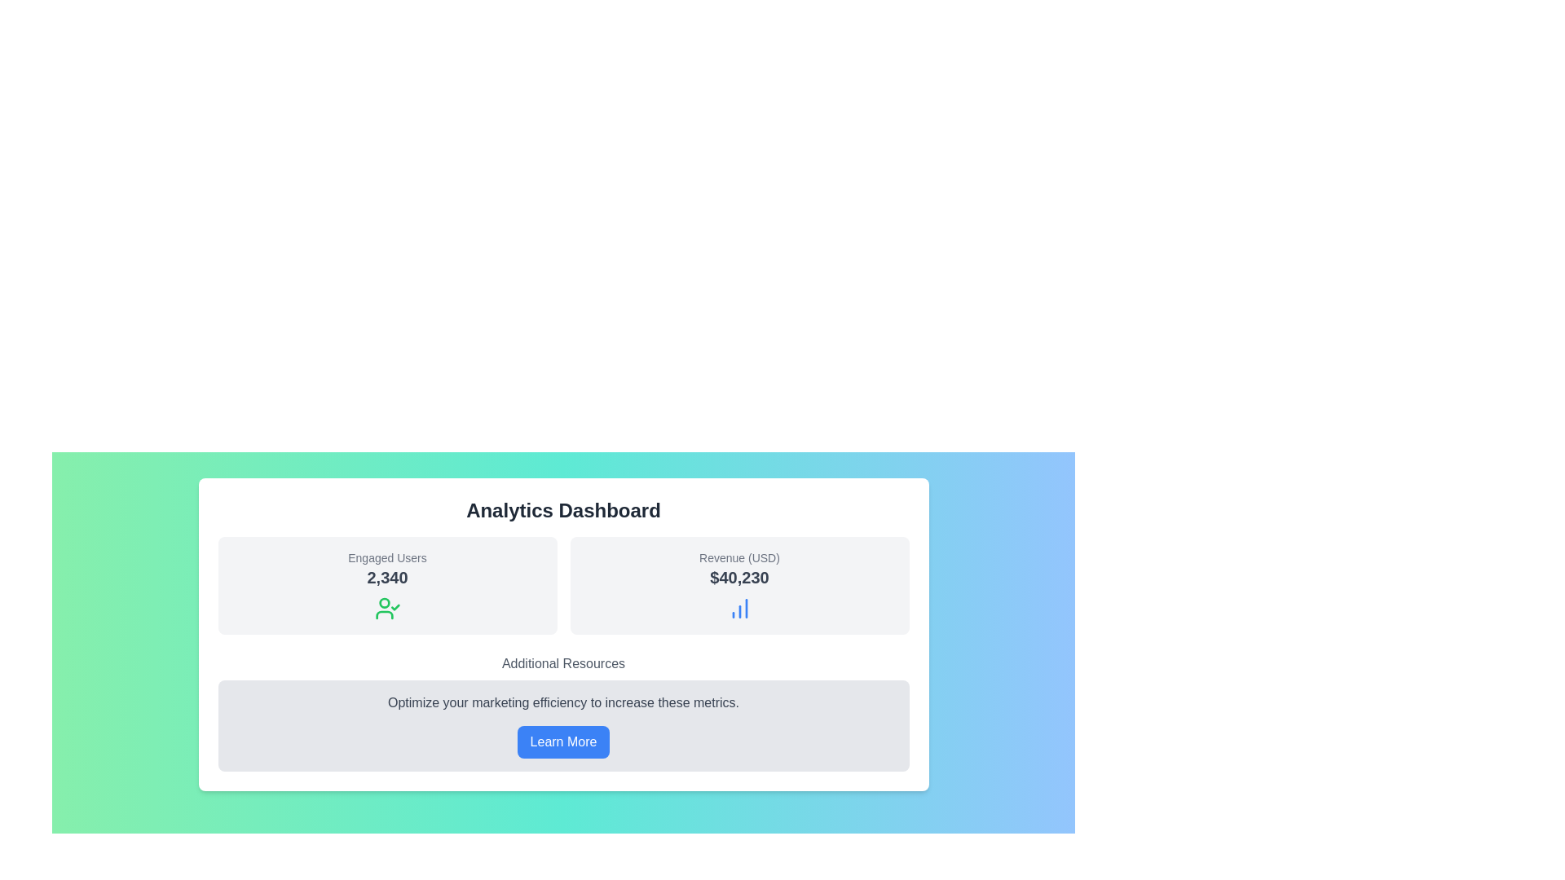 This screenshot has height=880, width=1565. I want to click on the blue column chart icon located in the 'Revenue (USD)' section of the dashboard, so click(738, 609).